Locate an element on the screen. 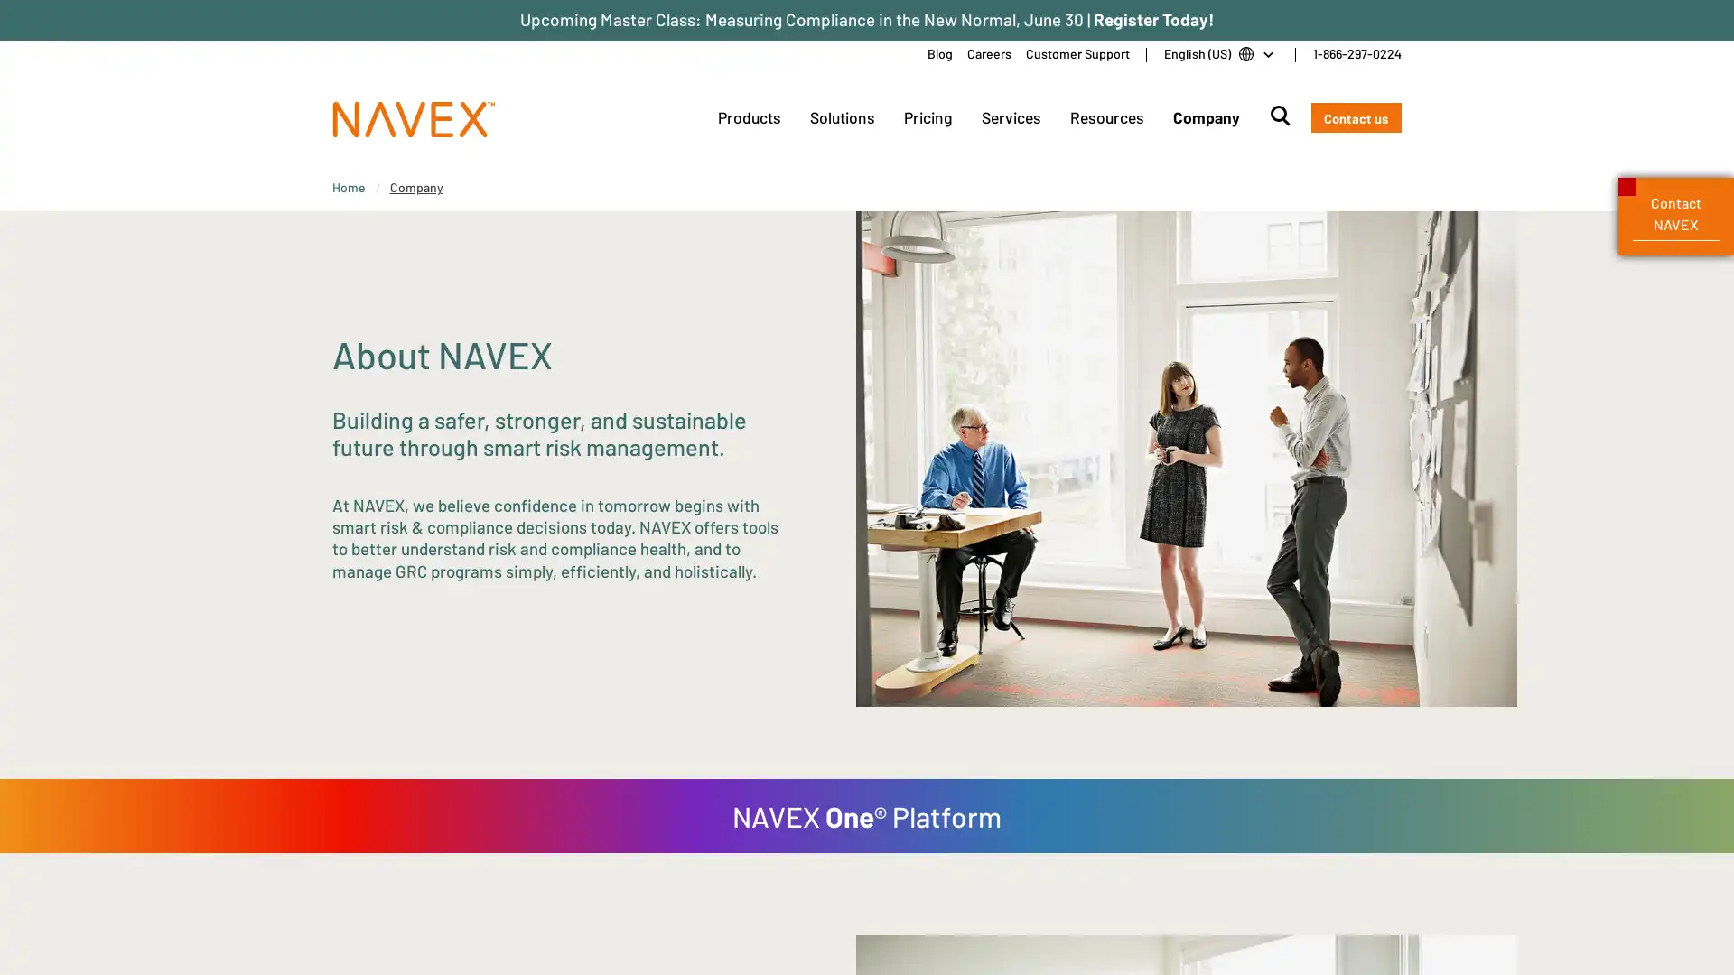  Products is located at coordinates (749, 117).